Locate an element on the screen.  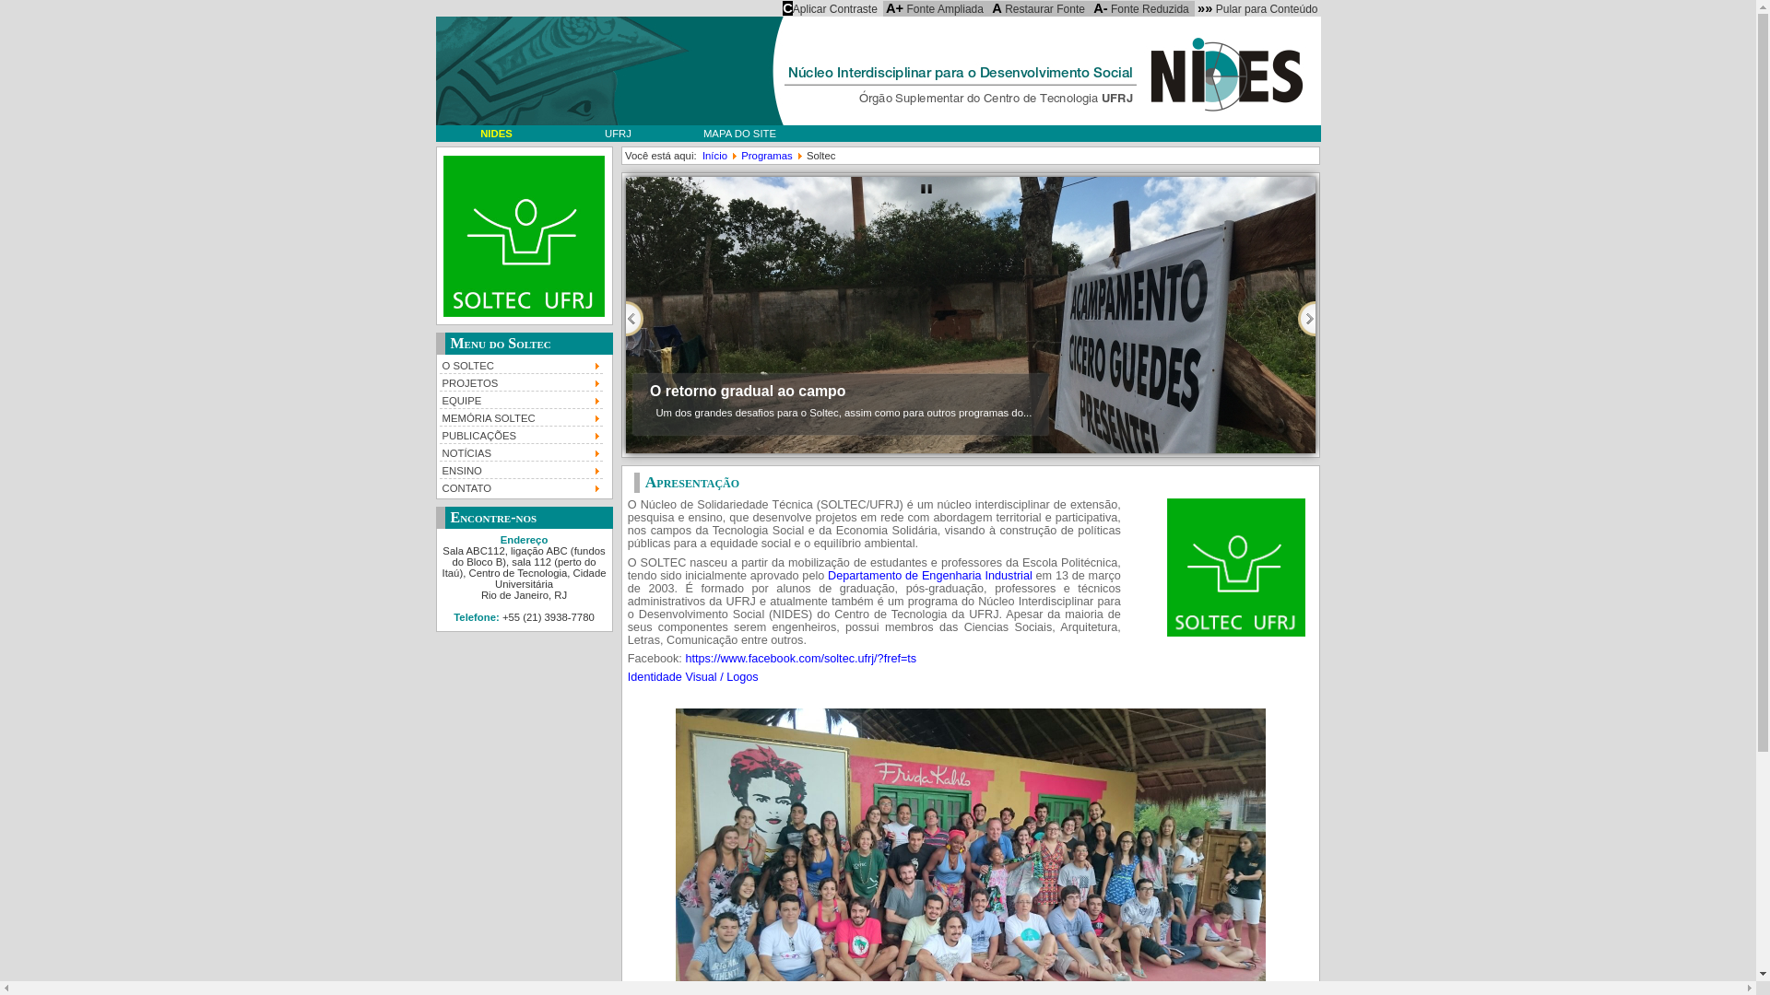
'A Restaurar Fonte' is located at coordinates (1038, 7).